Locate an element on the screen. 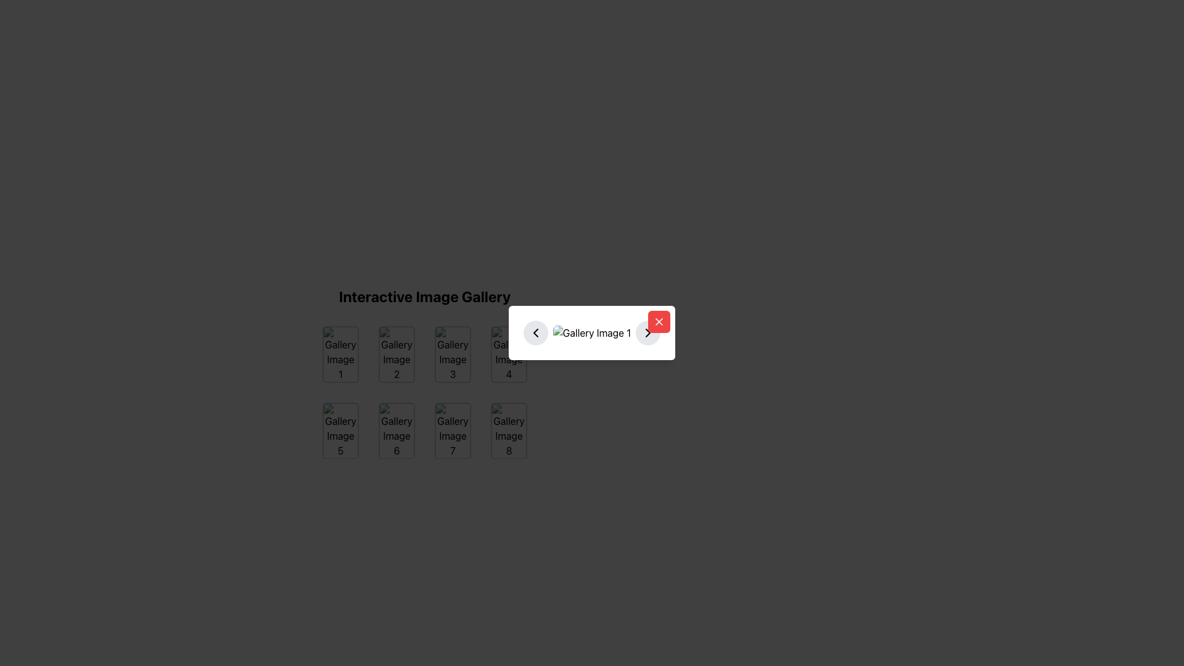  the 'Next' button SVG icon (chevron arrow) located on the right-hand side of the dialog box in the image gallery interface is located at coordinates (647, 333).